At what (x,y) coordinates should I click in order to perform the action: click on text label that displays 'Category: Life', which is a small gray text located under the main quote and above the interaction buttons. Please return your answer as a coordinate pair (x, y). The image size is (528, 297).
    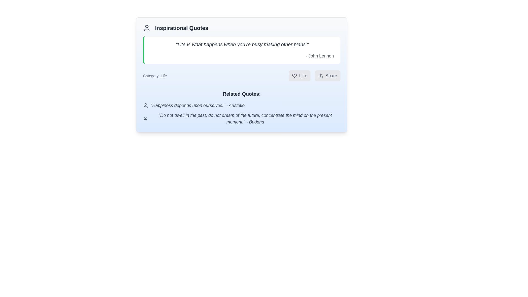
    Looking at the image, I should click on (155, 76).